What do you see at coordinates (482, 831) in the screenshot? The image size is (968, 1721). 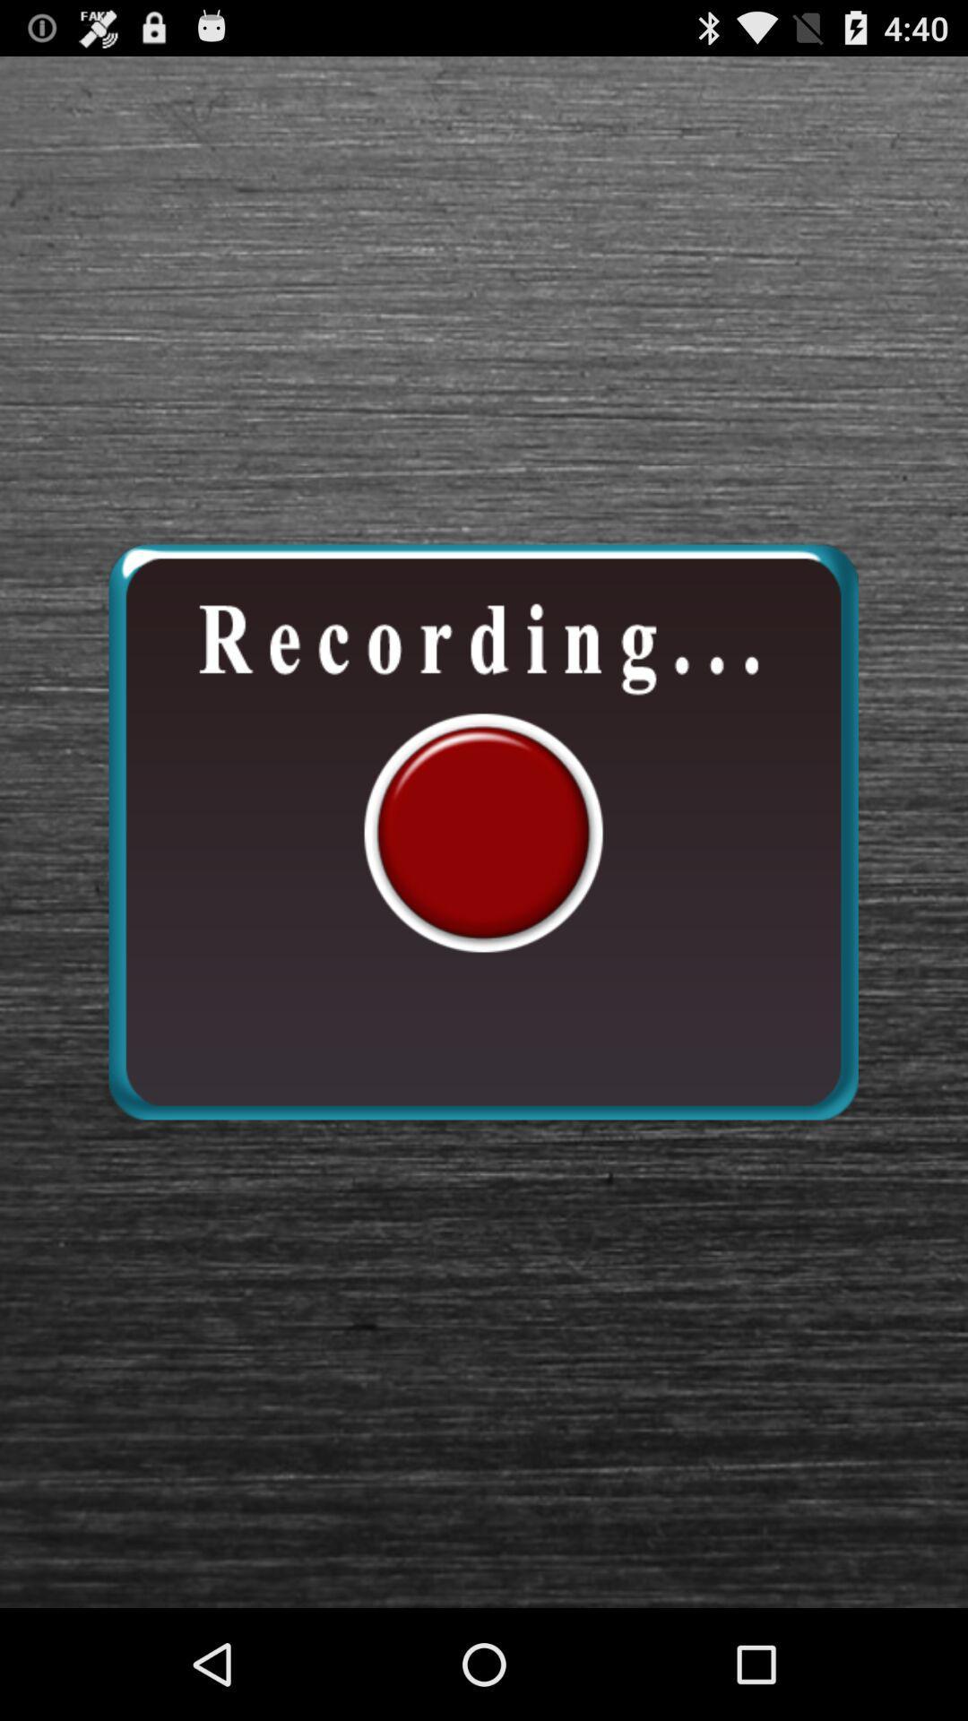 I see `recording indicator` at bounding box center [482, 831].